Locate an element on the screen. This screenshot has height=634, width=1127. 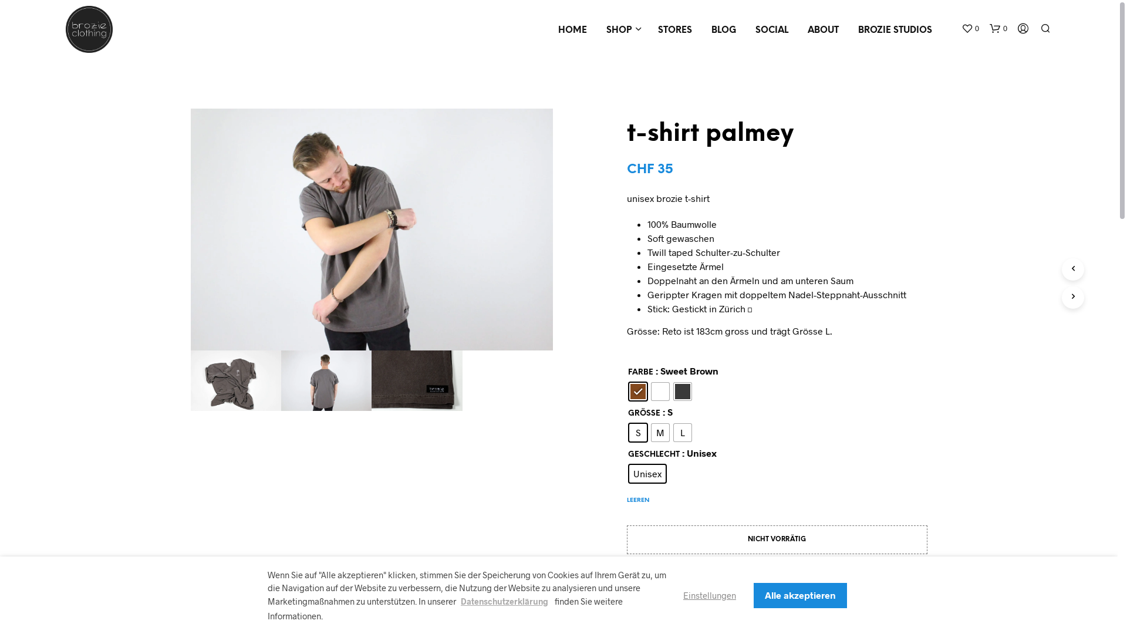
'BROZIE STUDIOS' is located at coordinates (895, 30).